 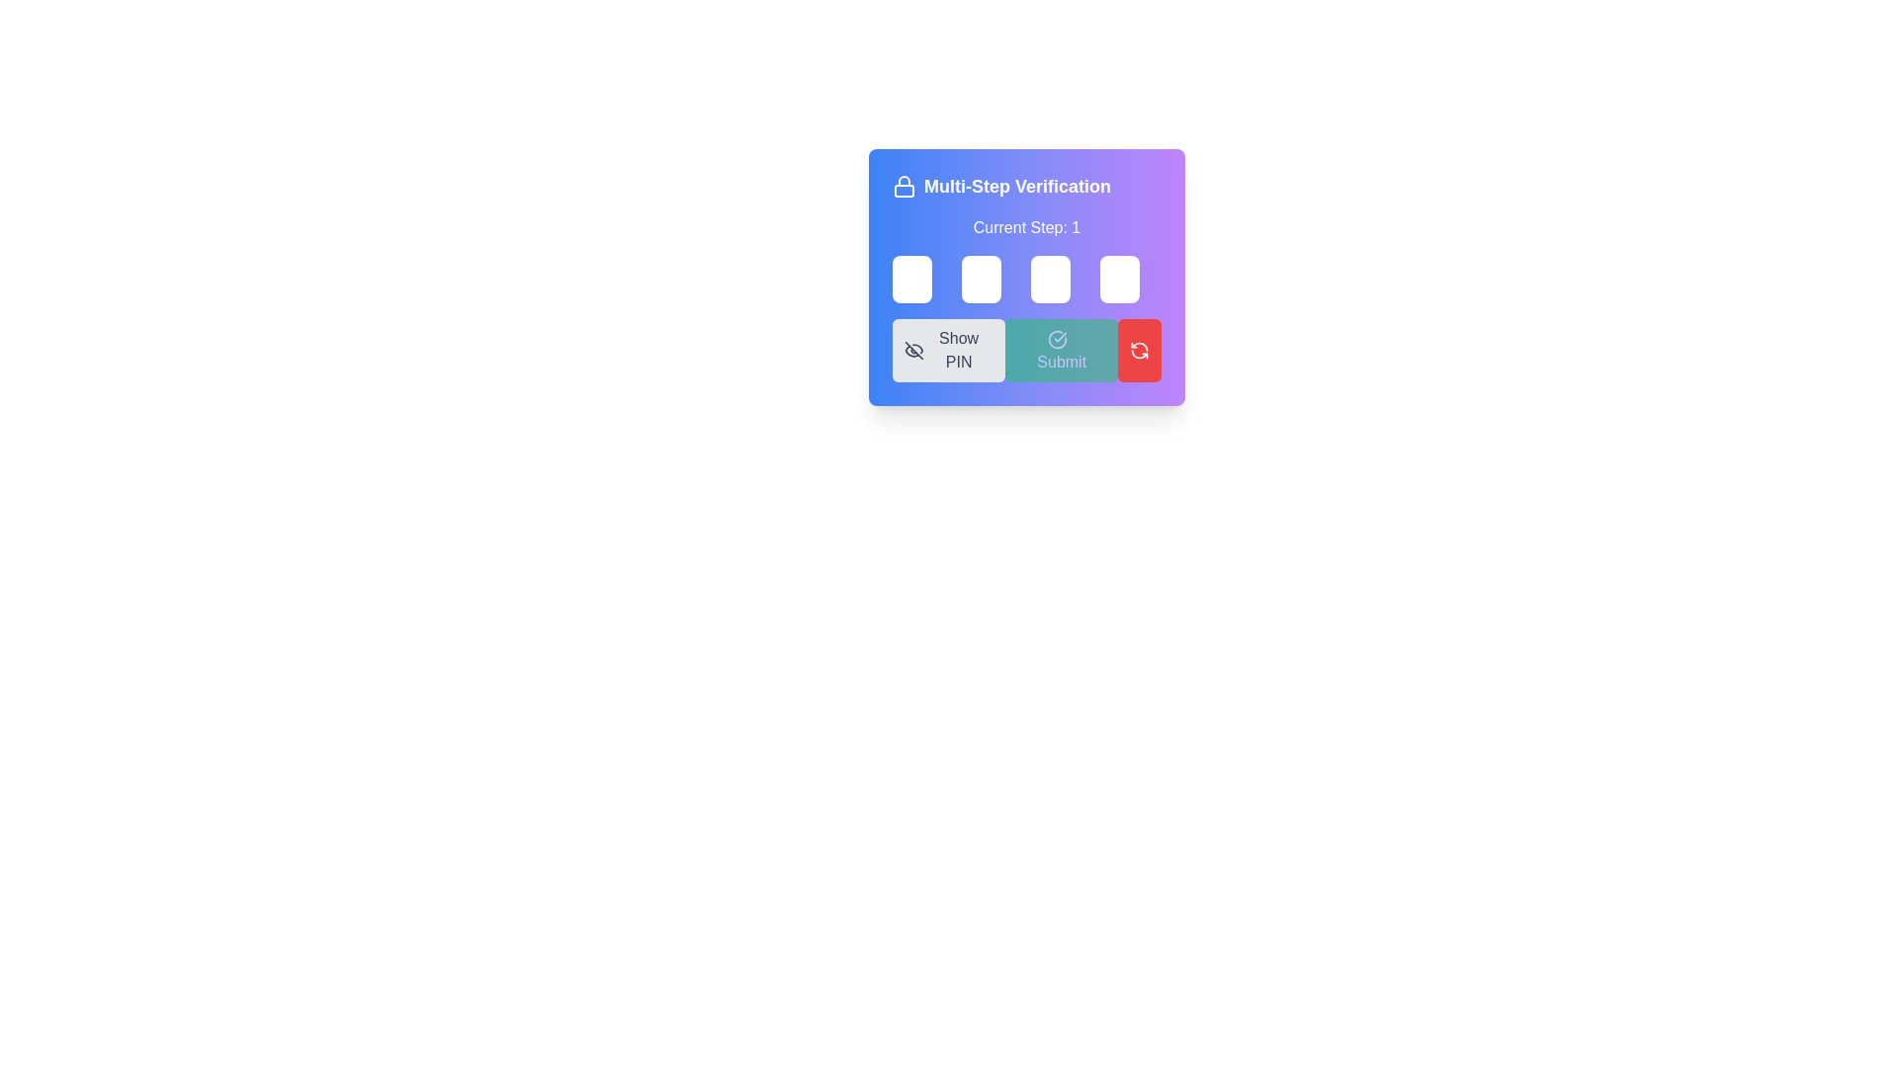 I want to click on the title 'Multi-Step Verification' which is styled with a bold large font and located at the top of the panel, next to a lock icon, so click(x=1026, y=187).